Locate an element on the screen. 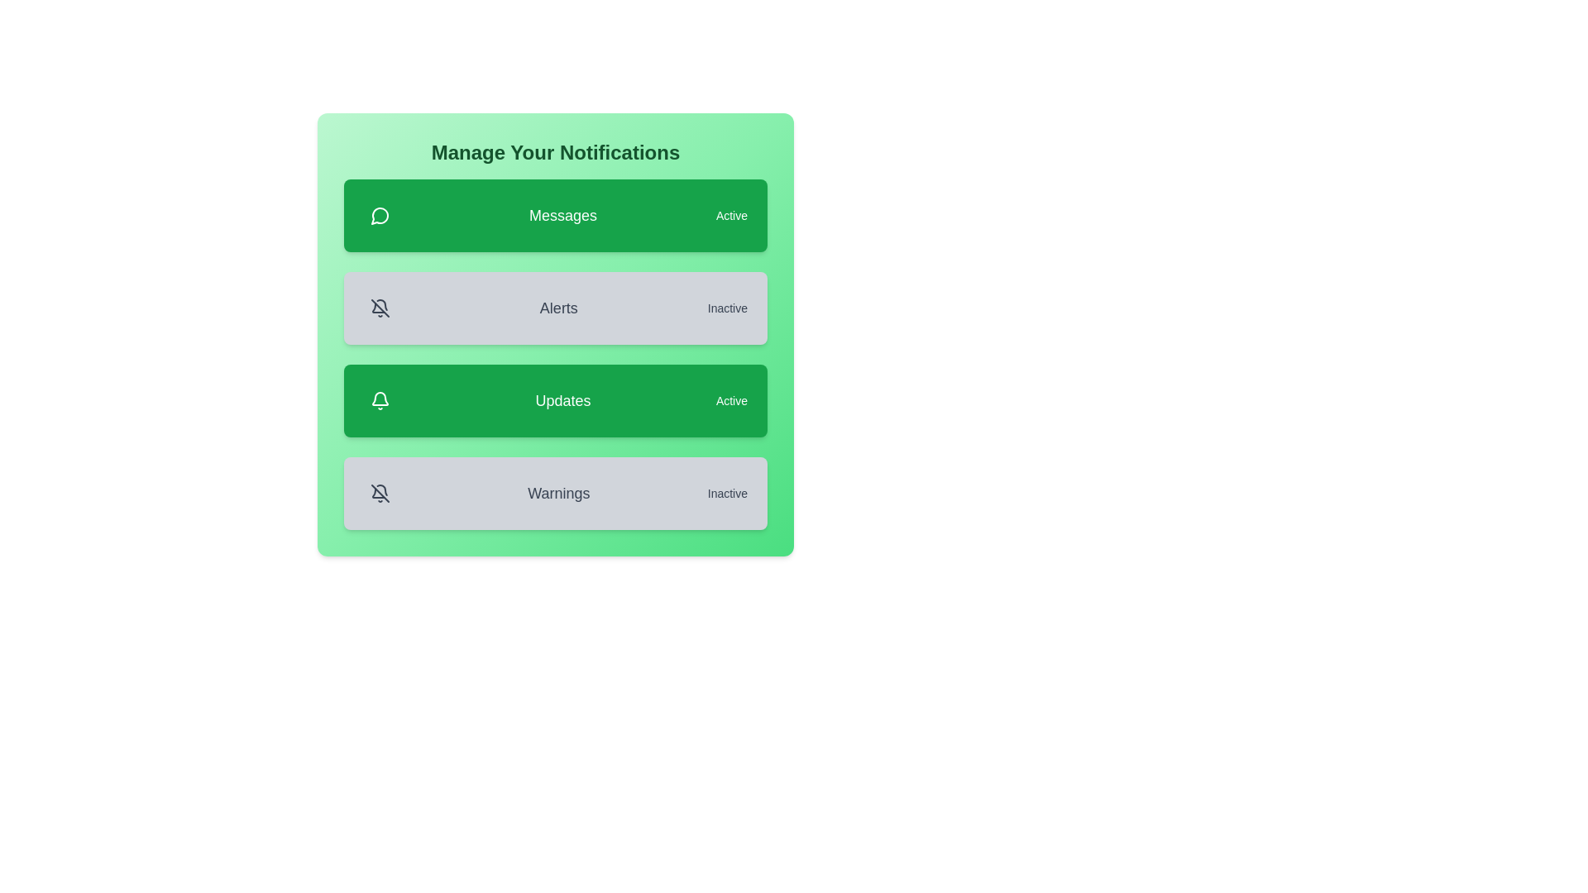 This screenshot has height=893, width=1588. the notification card for Warnings is located at coordinates (556, 493).